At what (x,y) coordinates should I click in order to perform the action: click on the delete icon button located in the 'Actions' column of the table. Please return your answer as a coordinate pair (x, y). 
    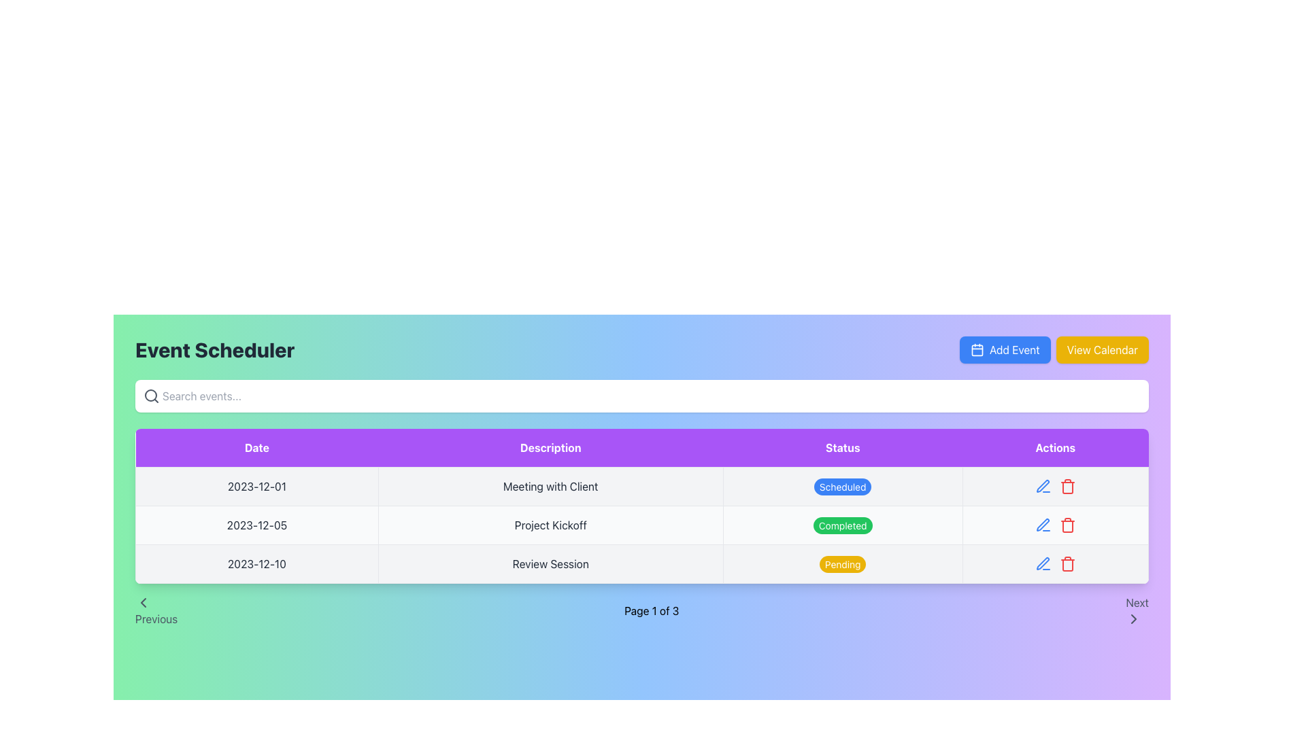
    Looking at the image, I should click on (1067, 486).